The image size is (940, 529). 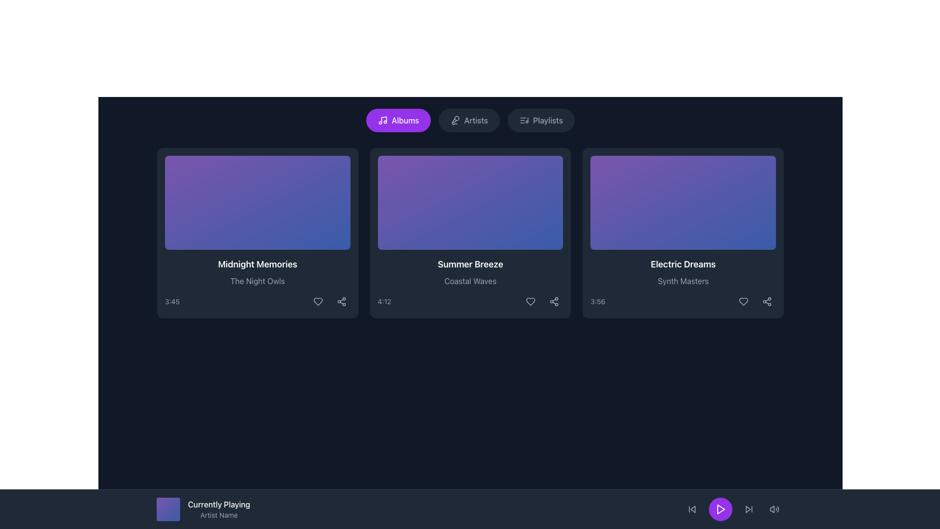 What do you see at coordinates (692, 509) in the screenshot?
I see `the previous track icon located in the bottom control bar of the media controls if it is navigable` at bounding box center [692, 509].